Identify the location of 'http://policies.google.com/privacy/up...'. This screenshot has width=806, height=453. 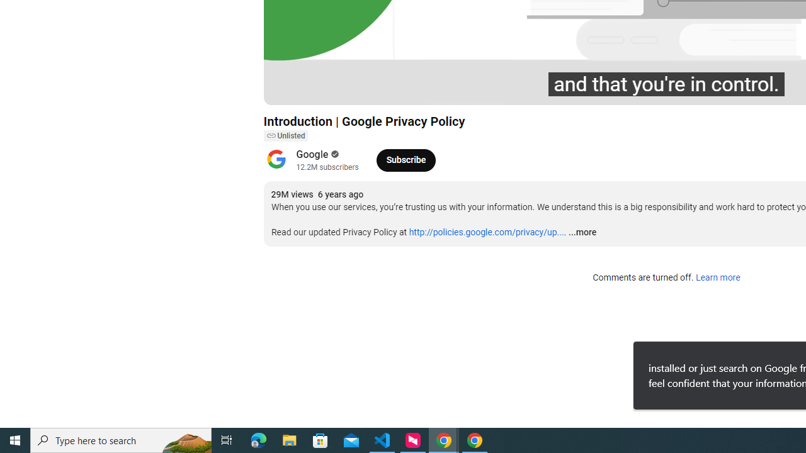
(485, 232).